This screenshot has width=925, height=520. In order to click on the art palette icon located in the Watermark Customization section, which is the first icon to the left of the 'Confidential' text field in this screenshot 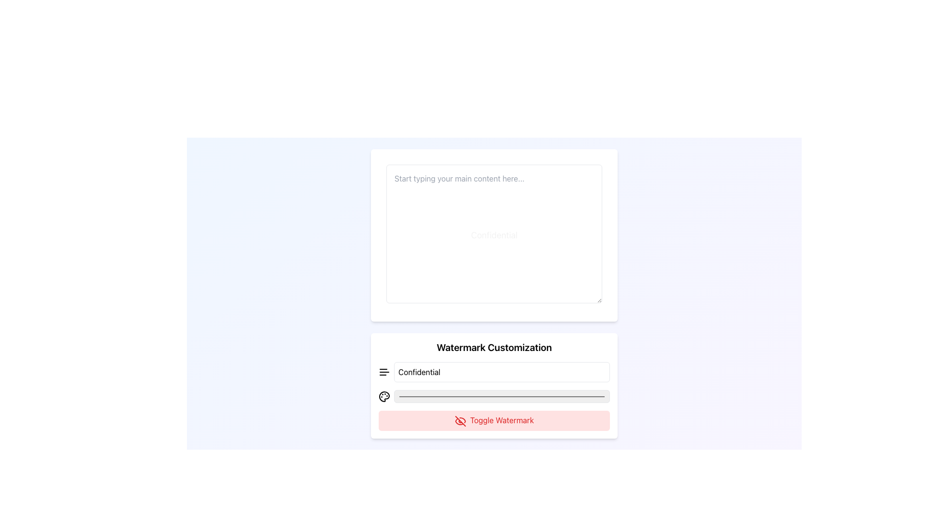, I will do `click(383, 396)`.